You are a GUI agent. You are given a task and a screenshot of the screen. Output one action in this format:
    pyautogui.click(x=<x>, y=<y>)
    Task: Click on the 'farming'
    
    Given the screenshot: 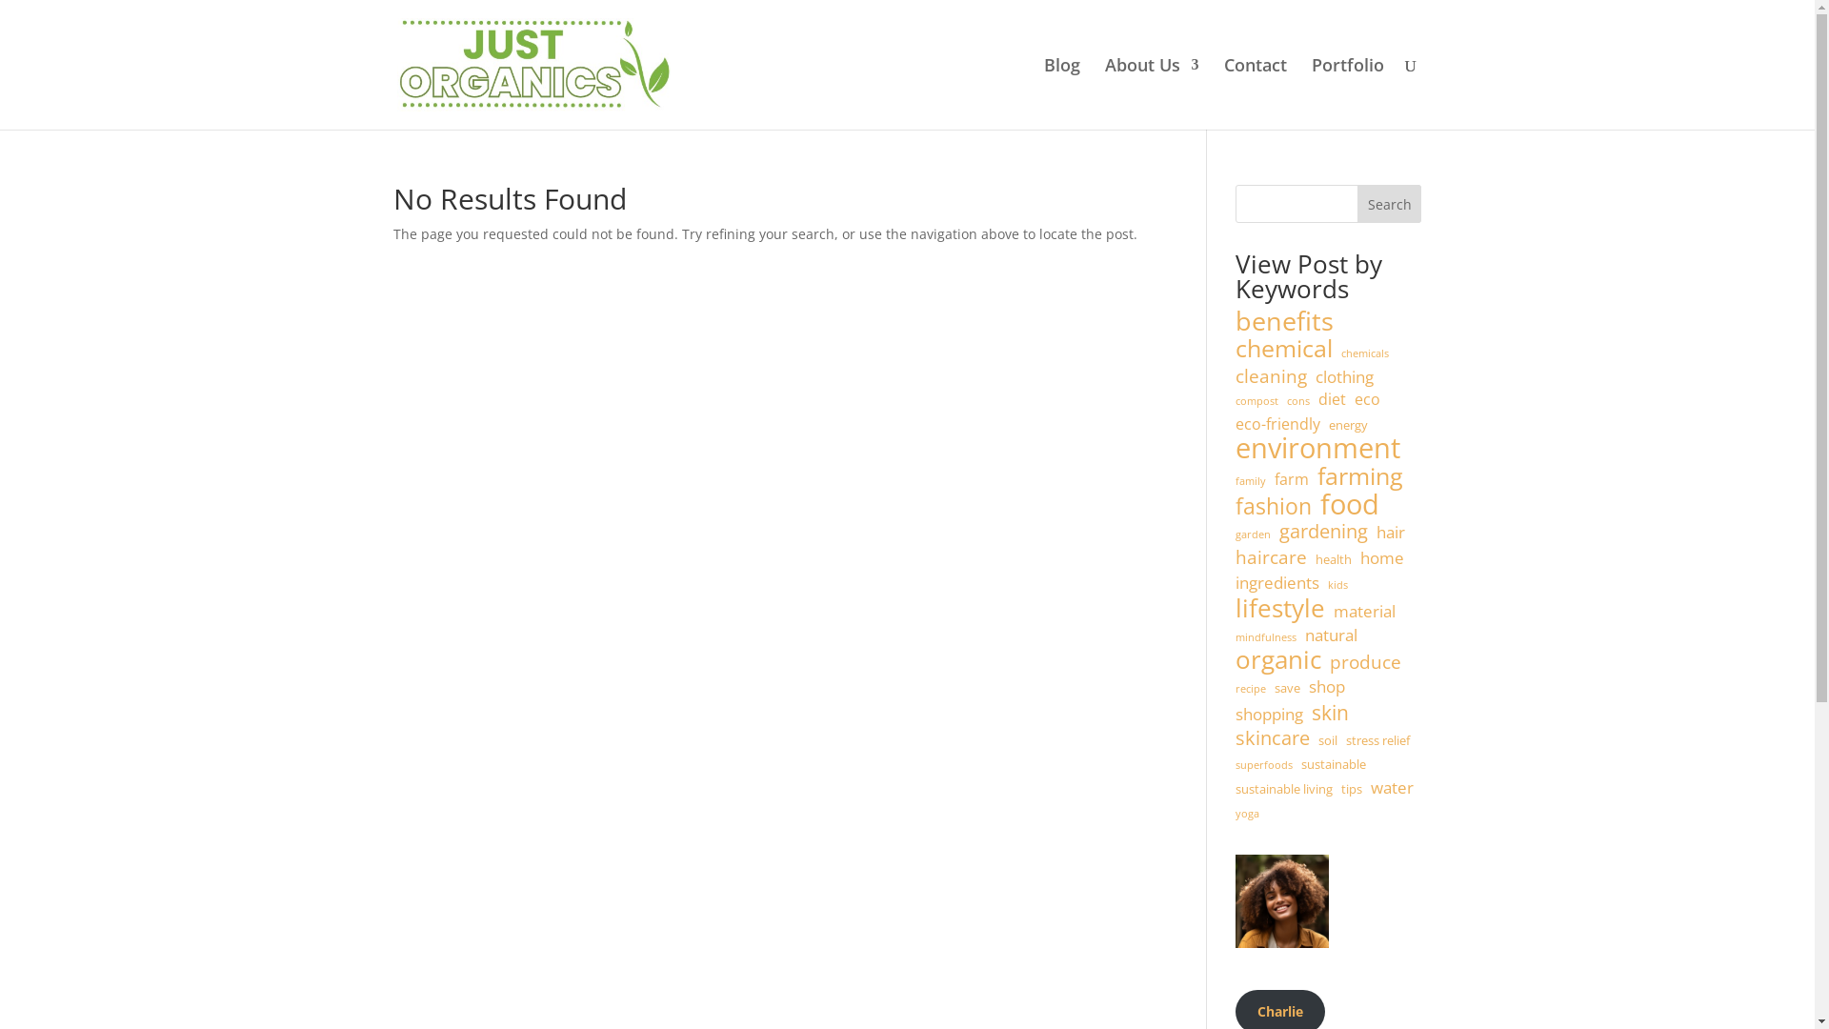 What is the action you would take?
    pyautogui.click(x=1316, y=475)
    